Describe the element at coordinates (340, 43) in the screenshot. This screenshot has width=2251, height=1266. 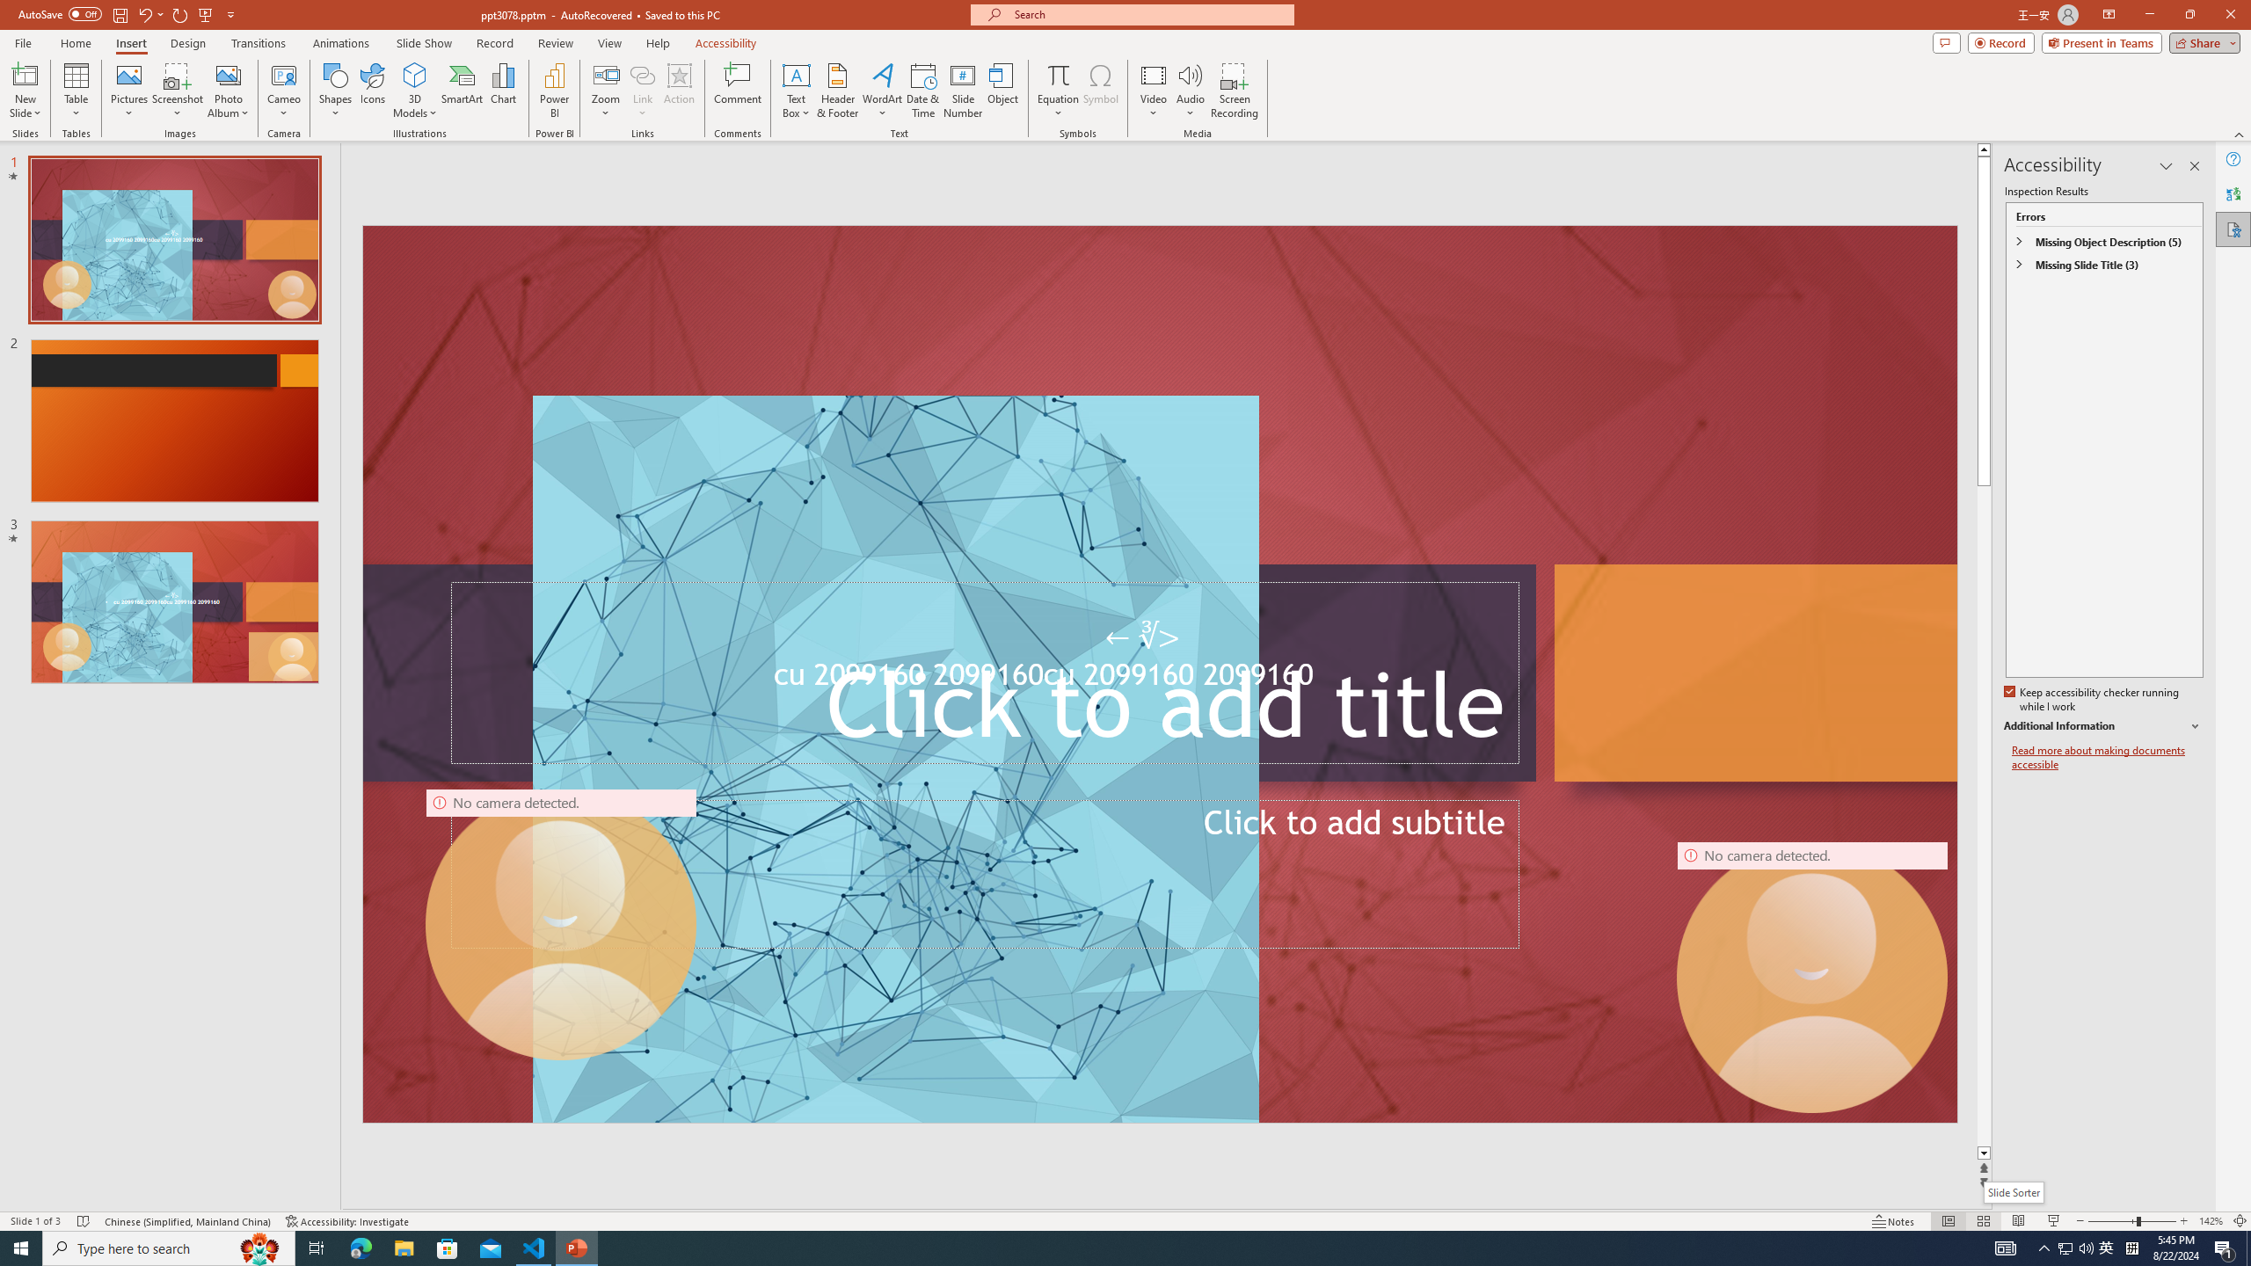
I see `'Animations'` at that location.